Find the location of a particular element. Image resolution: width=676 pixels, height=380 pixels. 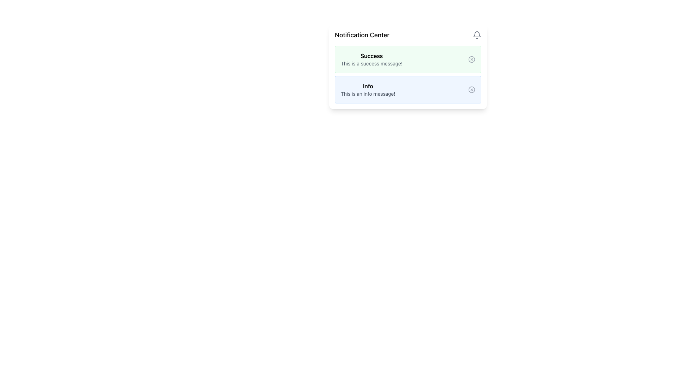

the text content in the alert card located beneath the 'Success' card in the notification center to interact with the close functionalities if nearby is located at coordinates (368, 89).